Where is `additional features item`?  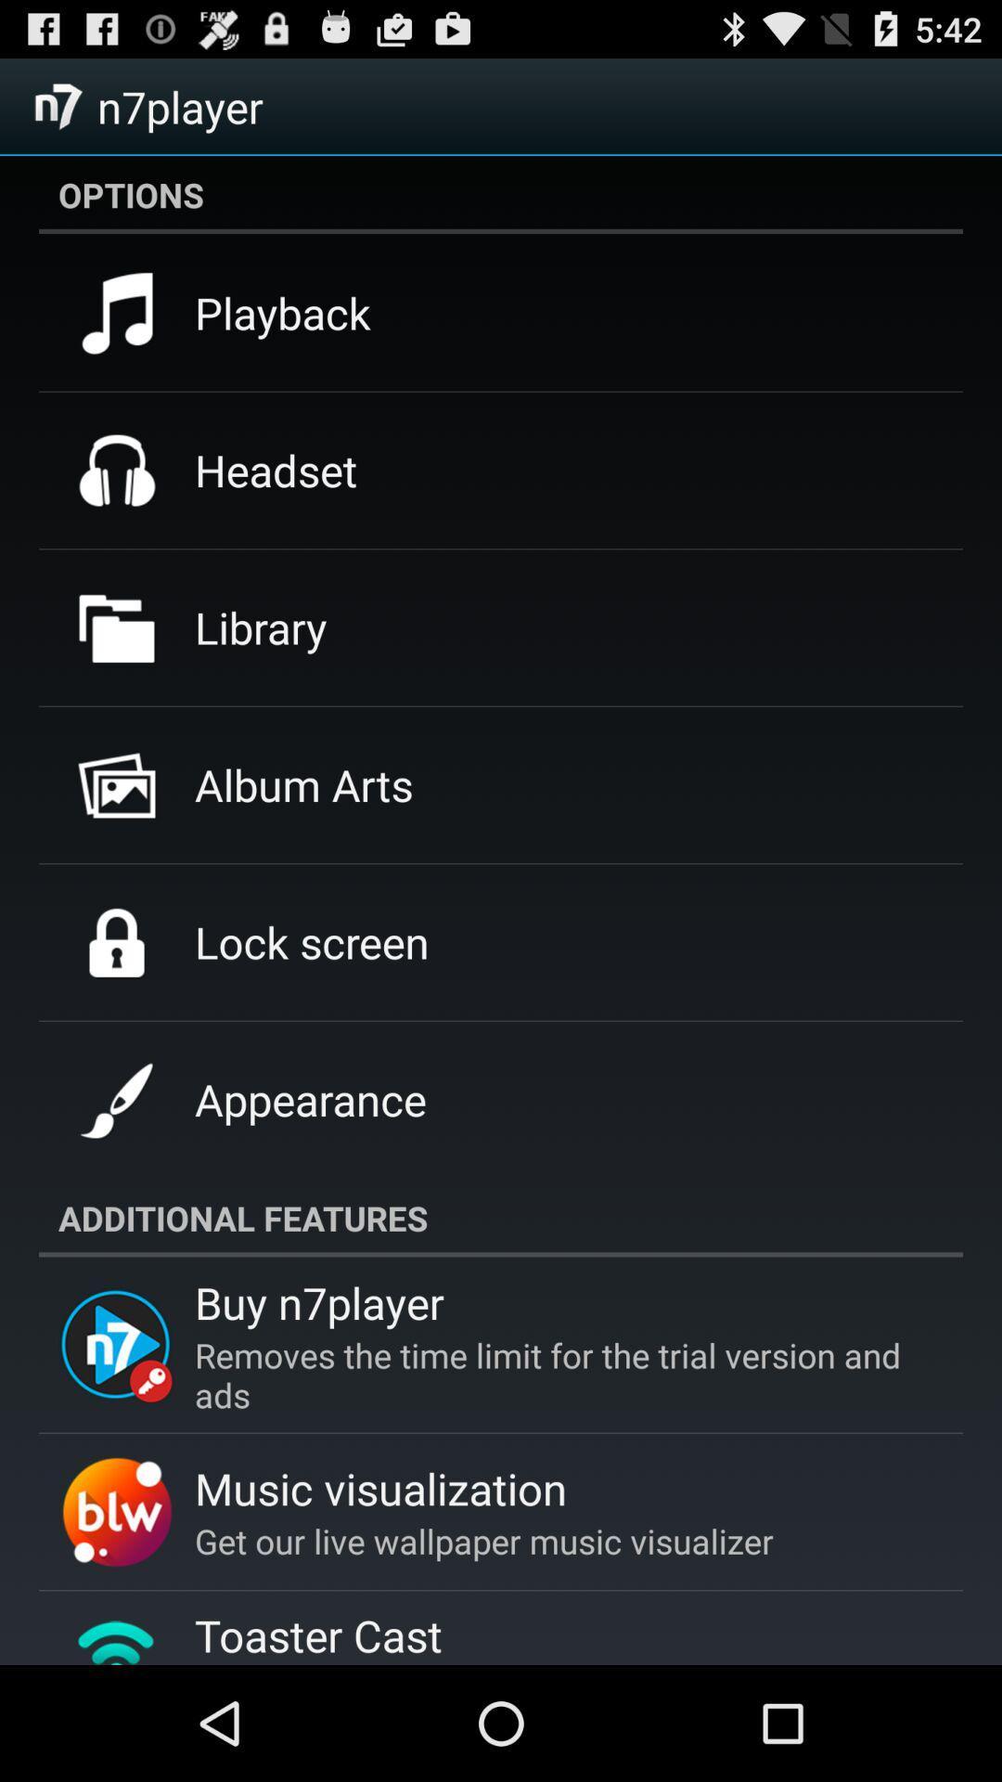
additional features item is located at coordinates (501, 1218).